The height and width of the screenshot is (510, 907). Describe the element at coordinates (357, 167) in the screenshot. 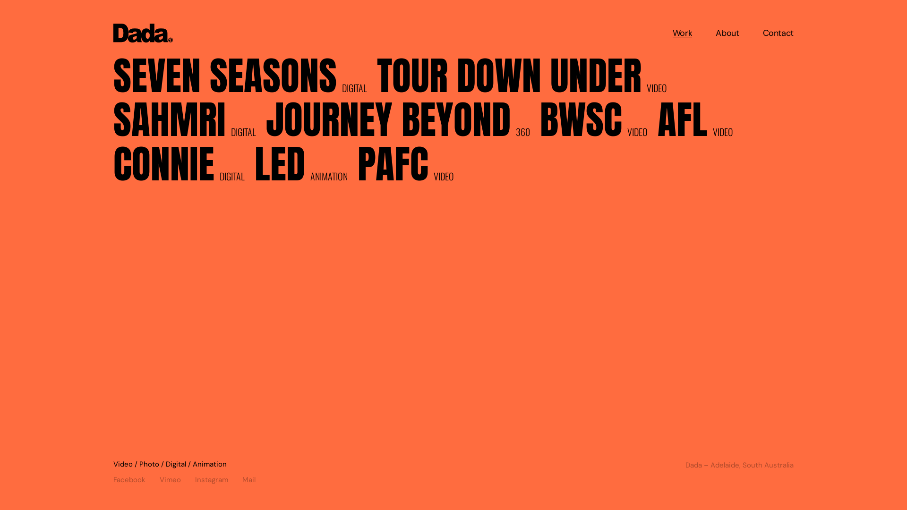

I see `'PAFC VIDEO'` at that location.